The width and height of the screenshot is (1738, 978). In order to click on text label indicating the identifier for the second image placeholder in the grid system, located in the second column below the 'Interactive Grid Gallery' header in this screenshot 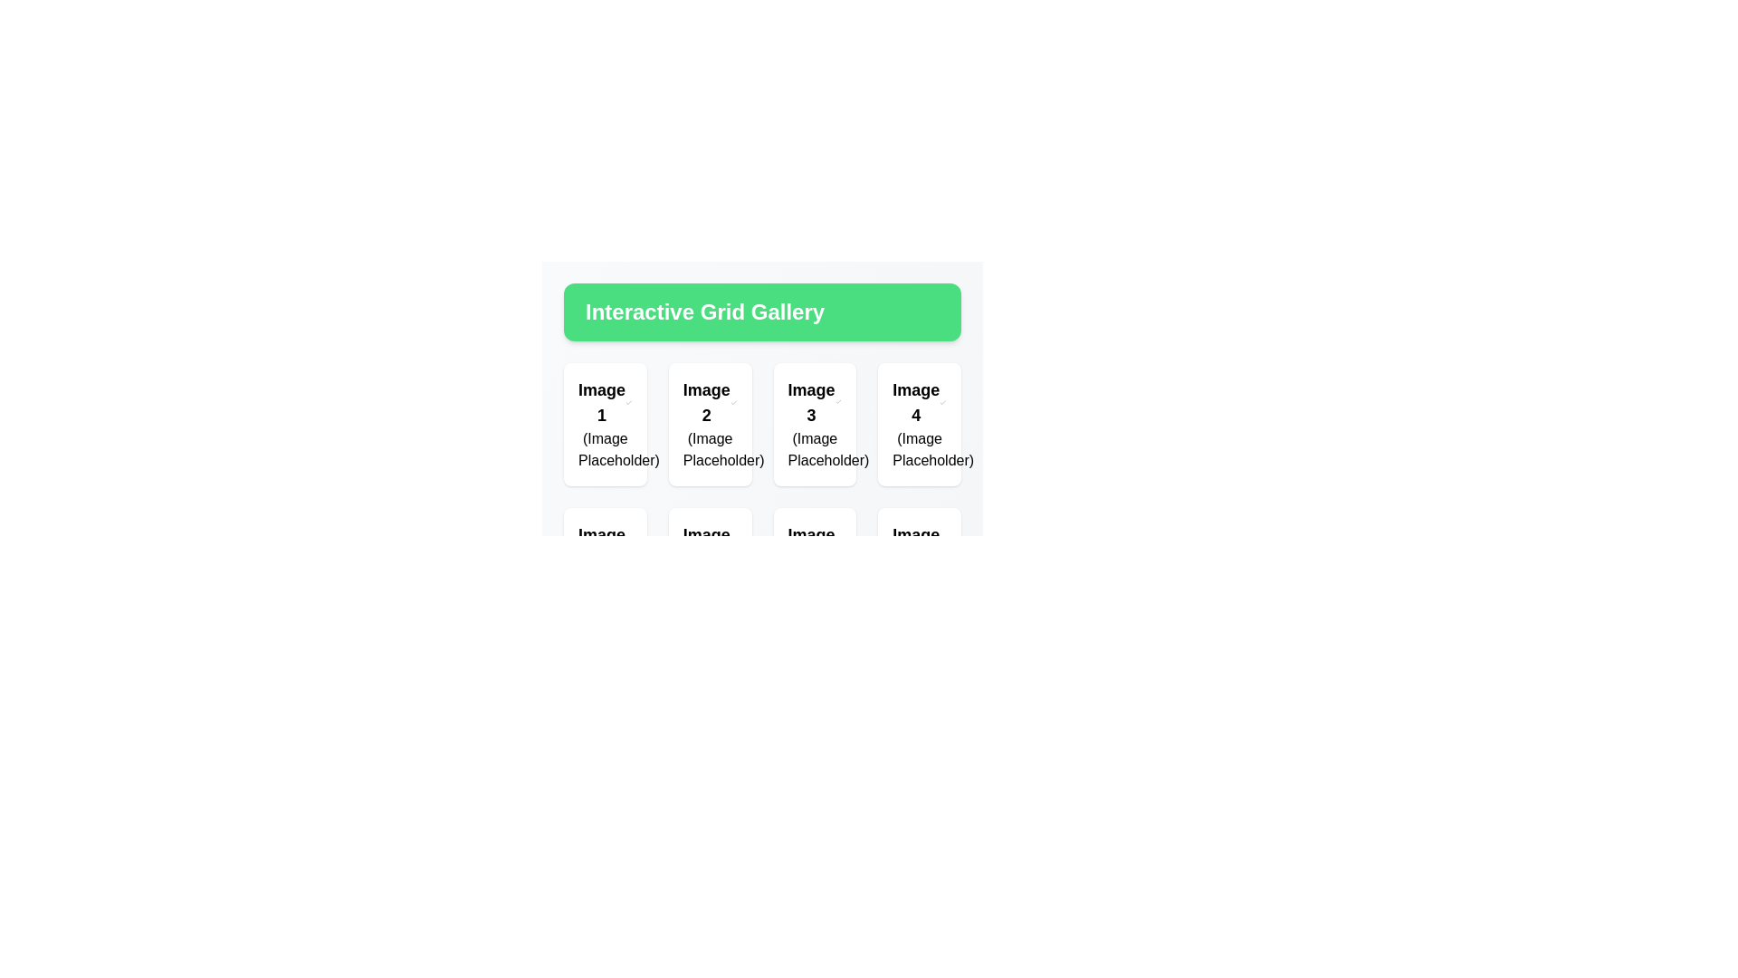, I will do `click(705, 401)`.